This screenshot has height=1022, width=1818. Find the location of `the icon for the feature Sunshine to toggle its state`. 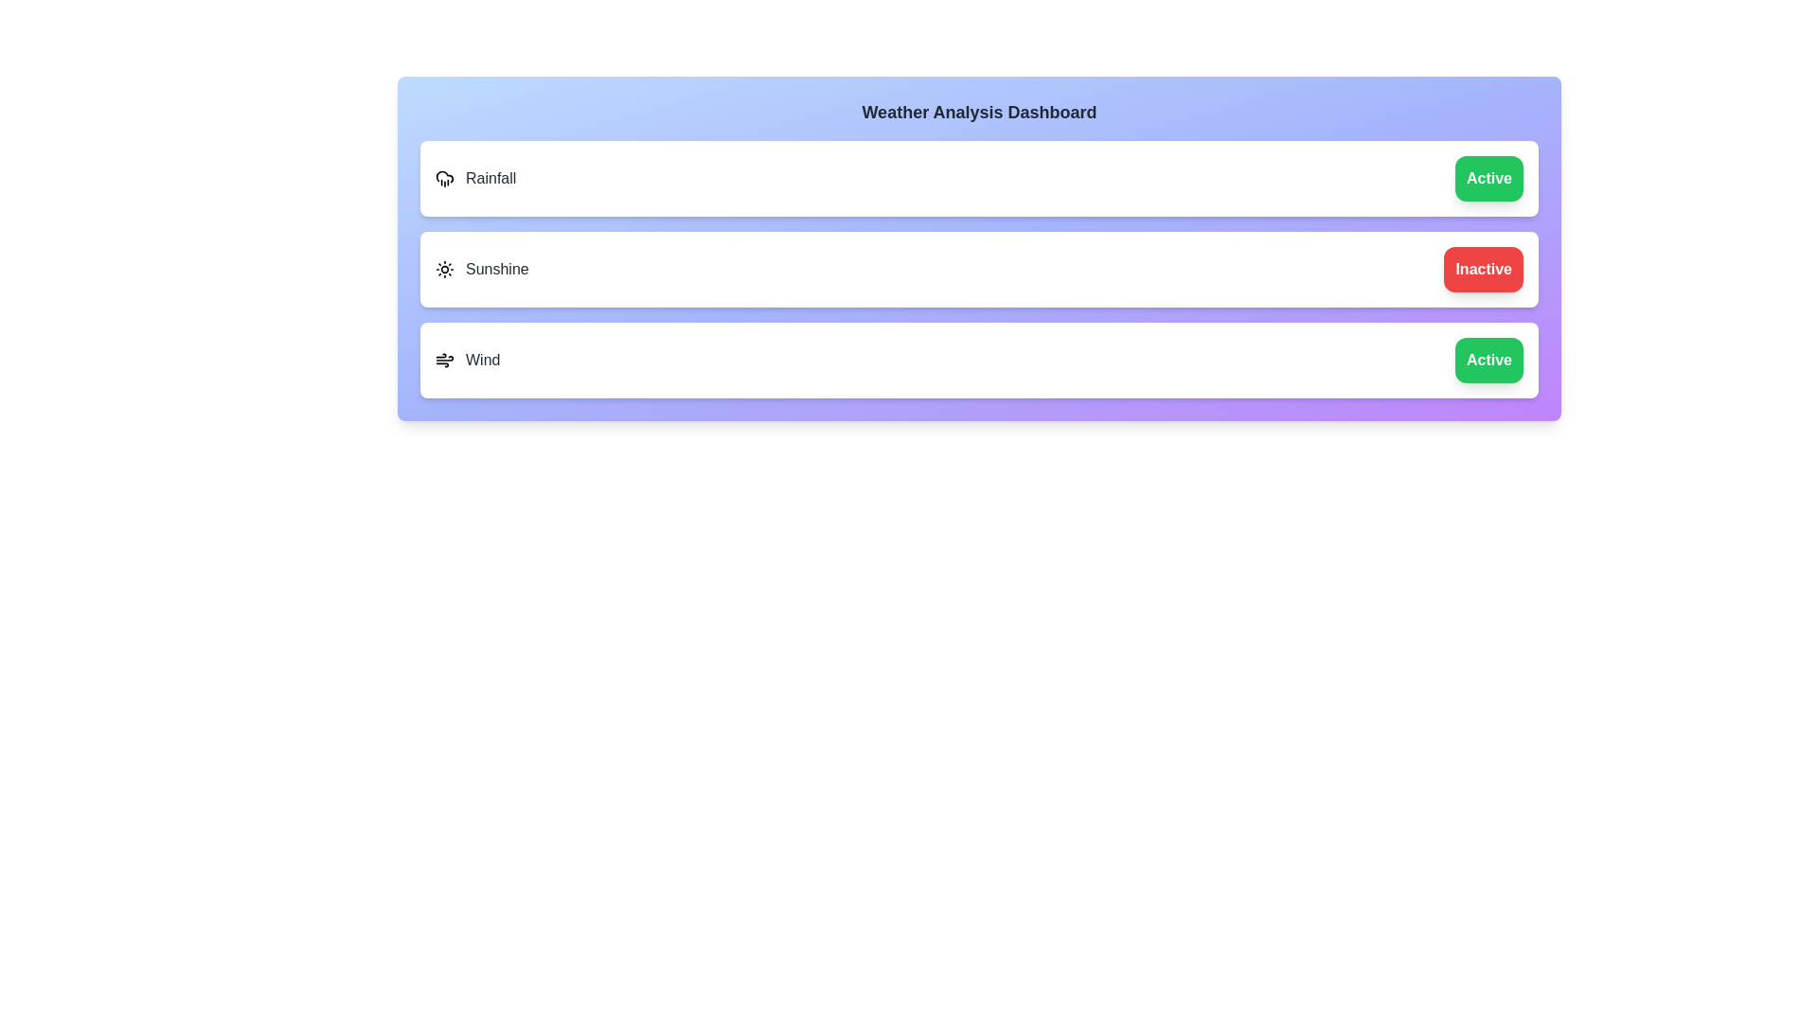

the icon for the feature Sunshine to toggle its state is located at coordinates (444, 270).